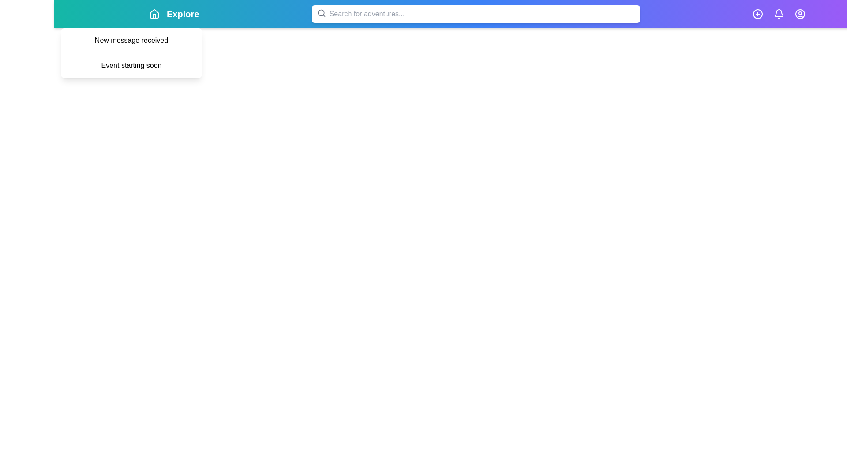 The height and width of the screenshot is (476, 847). What do you see at coordinates (800, 14) in the screenshot?
I see `the user icon to access user-related actions` at bounding box center [800, 14].